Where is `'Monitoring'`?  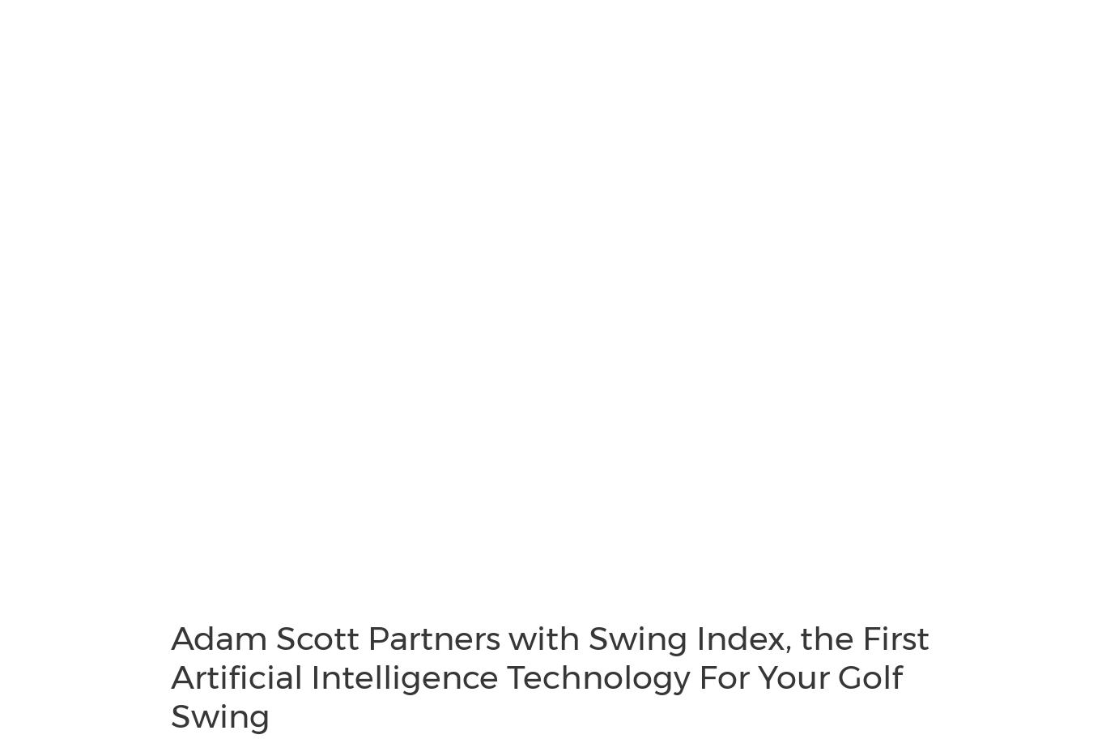
'Monitoring' is located at coordinates (63, 136).